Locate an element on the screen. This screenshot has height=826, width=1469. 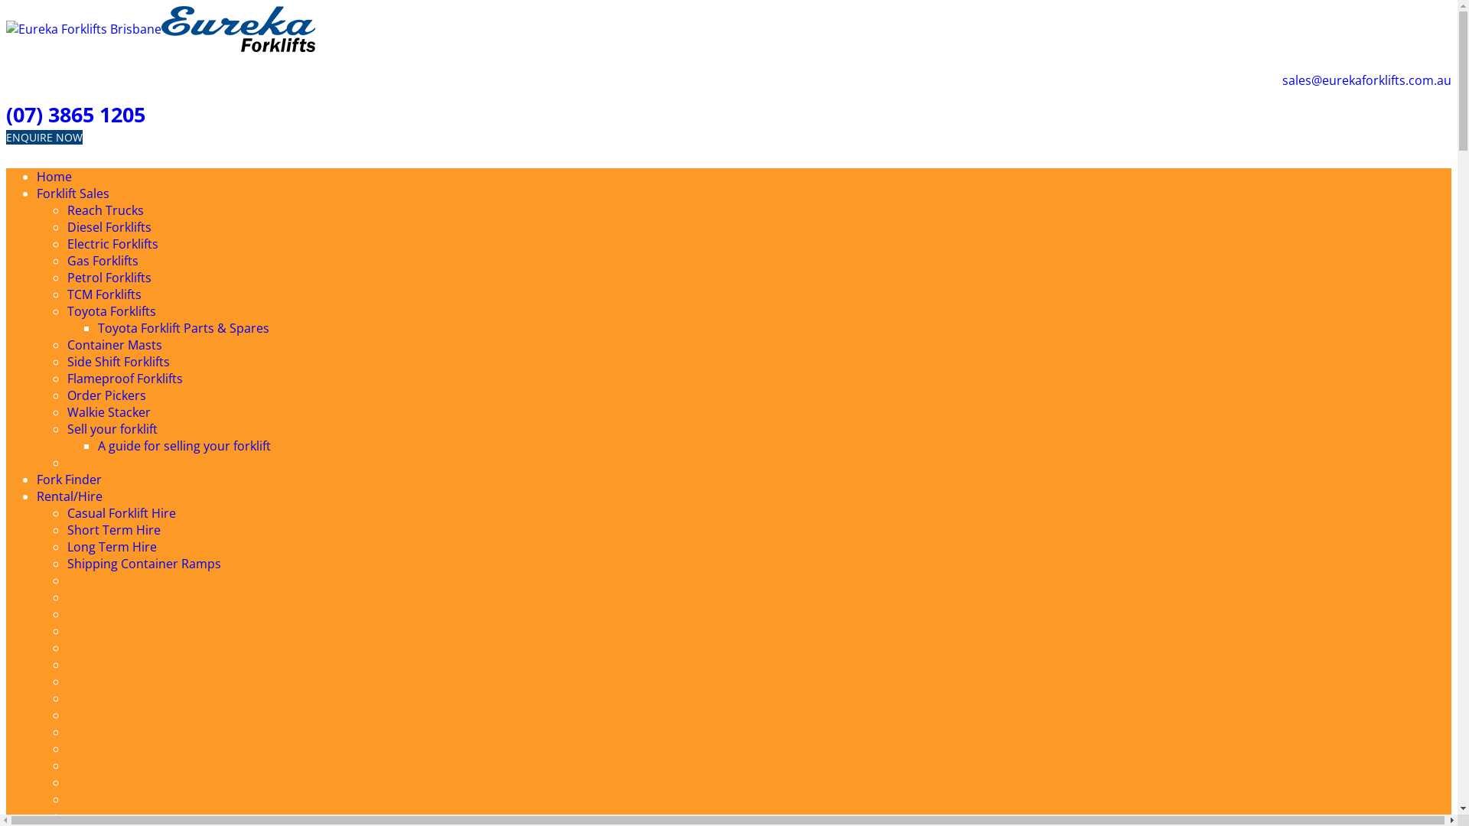
'Forklift Sales' is located at coordinates (72, 193).